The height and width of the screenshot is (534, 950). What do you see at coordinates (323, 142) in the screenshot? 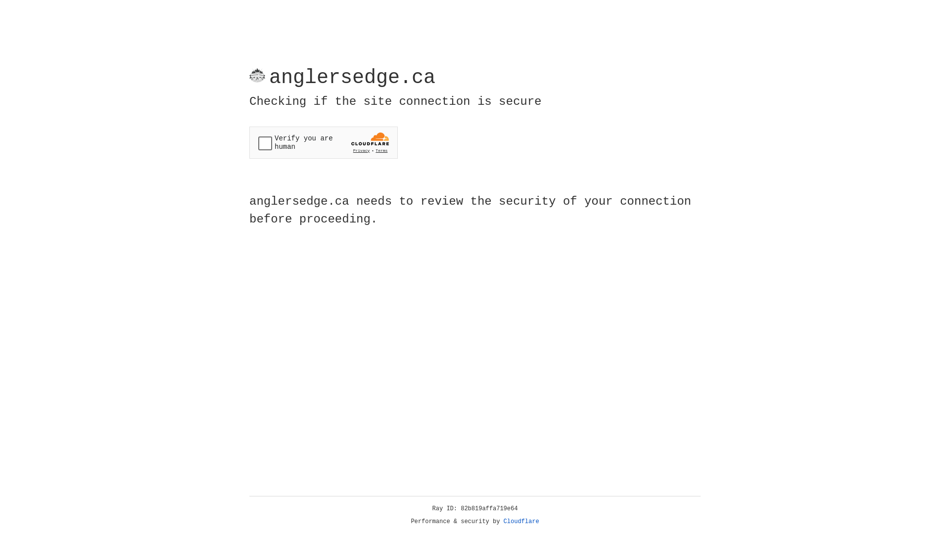
I see `'Widget containing a Cloudflare security challenge'` at bounding box center [323, 142].